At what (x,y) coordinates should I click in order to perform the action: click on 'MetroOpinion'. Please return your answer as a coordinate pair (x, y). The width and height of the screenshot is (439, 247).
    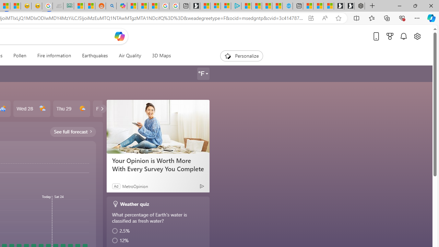
    Looking at the image, I should click on (135, 186).